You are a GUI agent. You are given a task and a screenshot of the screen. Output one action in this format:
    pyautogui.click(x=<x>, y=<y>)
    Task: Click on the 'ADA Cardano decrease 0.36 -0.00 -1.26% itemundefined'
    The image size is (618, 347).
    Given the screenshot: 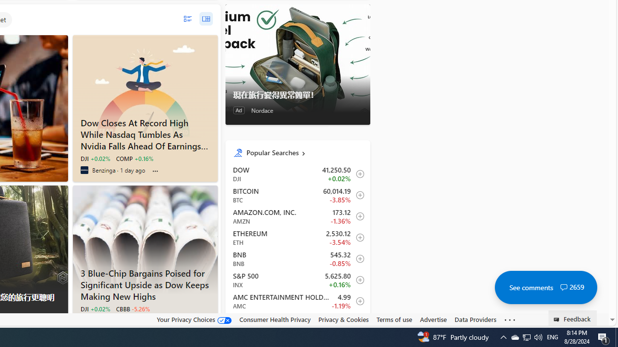 What is the action you would take?
    pyautogui.click(x=297, y=322)
    